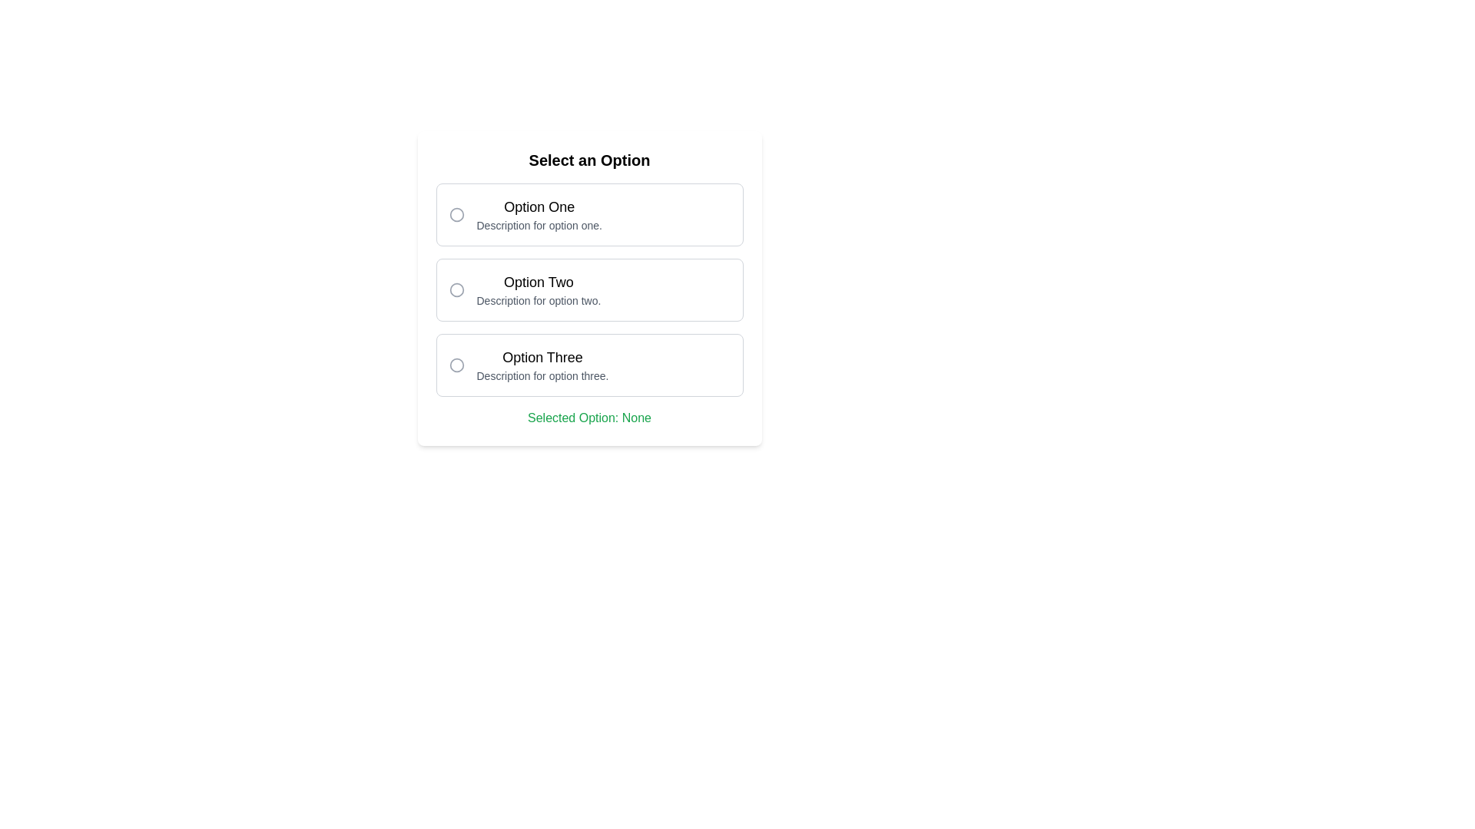 The image size is (1475, 829). I want to click on the gray circular icon resembling an unselected radio button located to the left of the text 'Option Three', so click(456, 365).